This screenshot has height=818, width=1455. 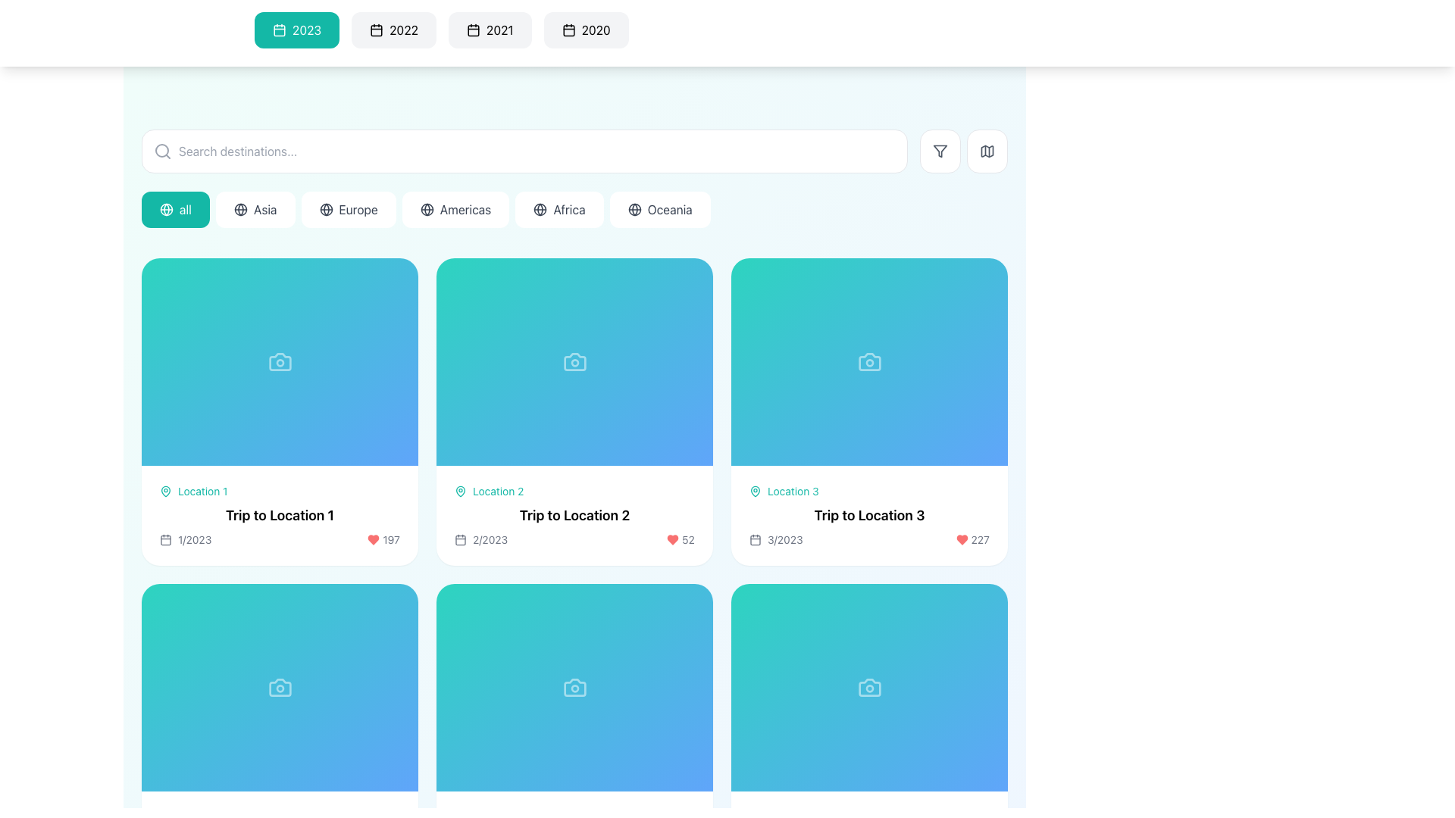 What do you see at coordinates (574, 514) in the screenshot?
I see `the title of the destination card located under the 'Location 2' heading in the second card of a horizontally aligned grid to signify interest or for details` at bounding box center [574, 514].